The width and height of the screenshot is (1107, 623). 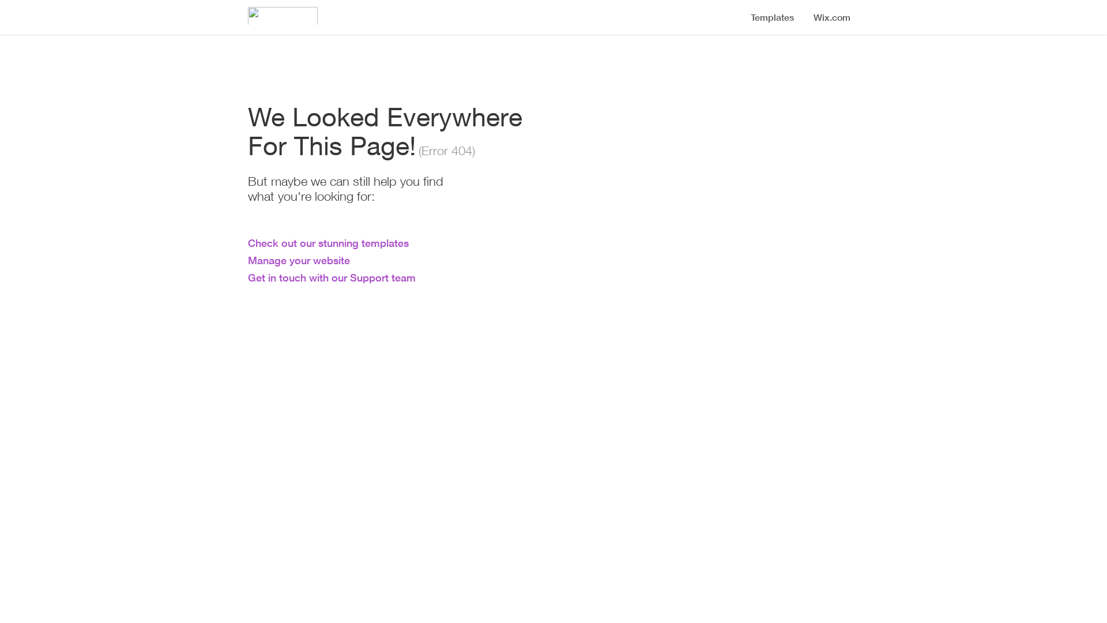 What do you see at coordinates (247, 260) in the screenshot?
I see `'Manage your website'` at bounding box center [247, 260].